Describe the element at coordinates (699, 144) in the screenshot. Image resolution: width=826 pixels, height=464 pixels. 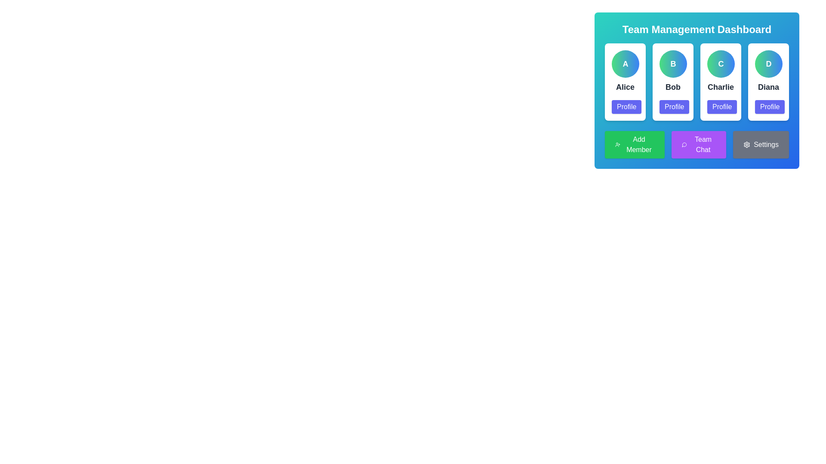
I see `the team chat button located at the bottom center of the panel, positioned between the 'Add Member' button and the 'Settings' button` at that location.